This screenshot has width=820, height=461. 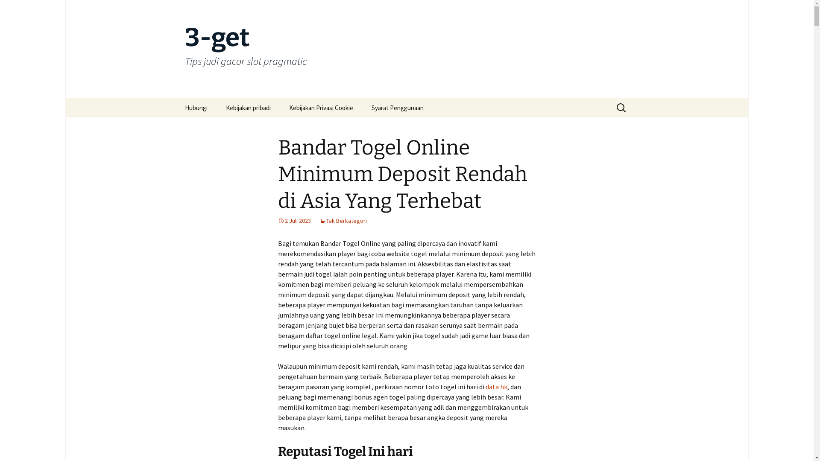 What do you see at coordinates (217, 107) in the screenshot?
I see `'Kebijakan pribadi'` at bounding box center [217, 107].